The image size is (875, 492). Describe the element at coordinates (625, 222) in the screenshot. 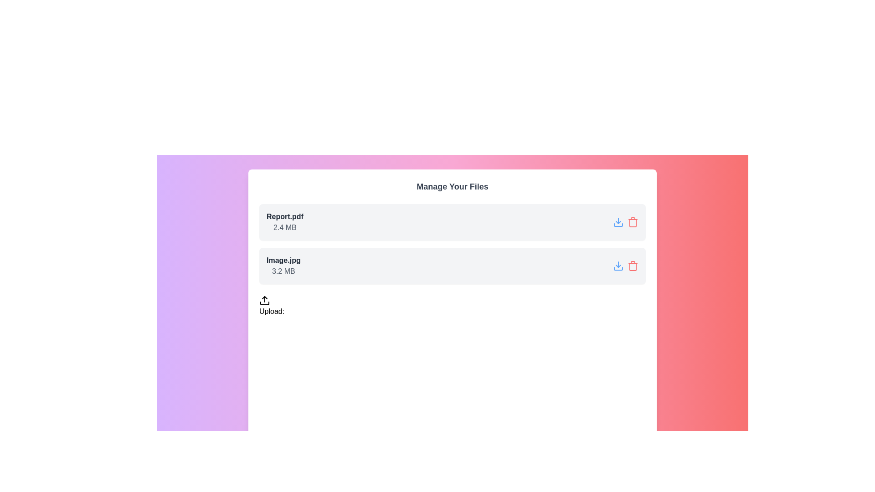

I see `the delete icon in the Button Group of icon buttons on the card displaying 'Report.pdf 2.4 MB'` at that location.